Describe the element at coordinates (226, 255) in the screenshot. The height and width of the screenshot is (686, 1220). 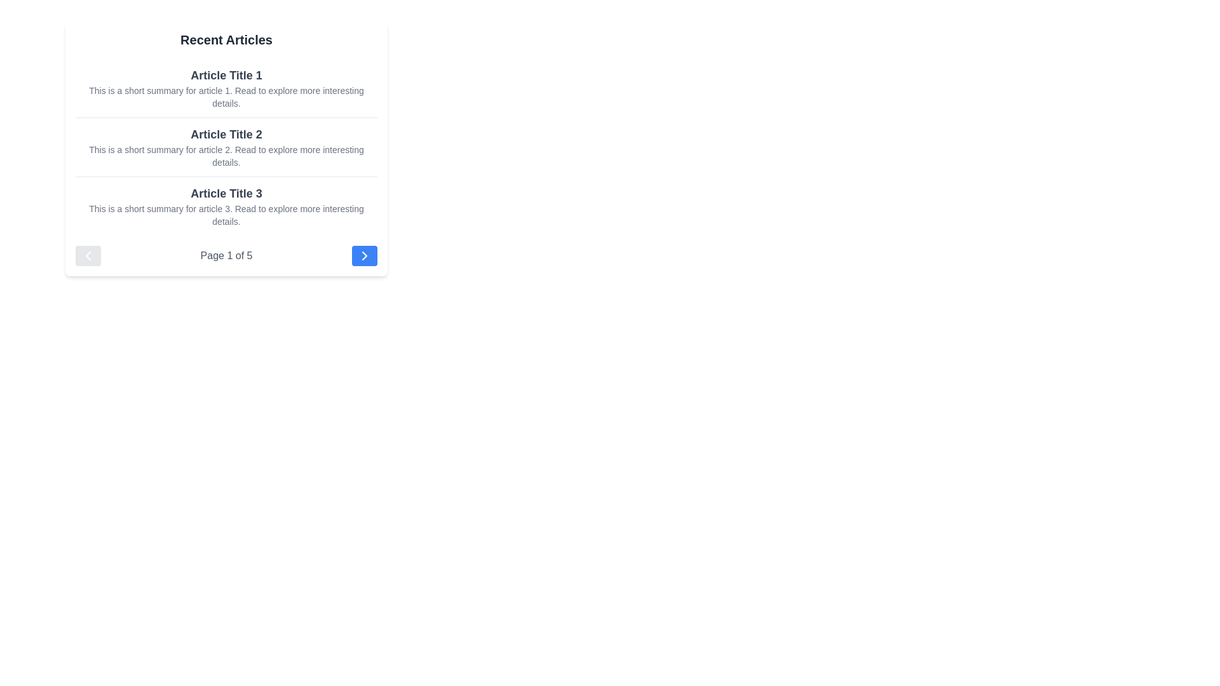
I see `the text label indicating the current page number and total number of pages, which is centrally located between two pagination buttons` at that location.